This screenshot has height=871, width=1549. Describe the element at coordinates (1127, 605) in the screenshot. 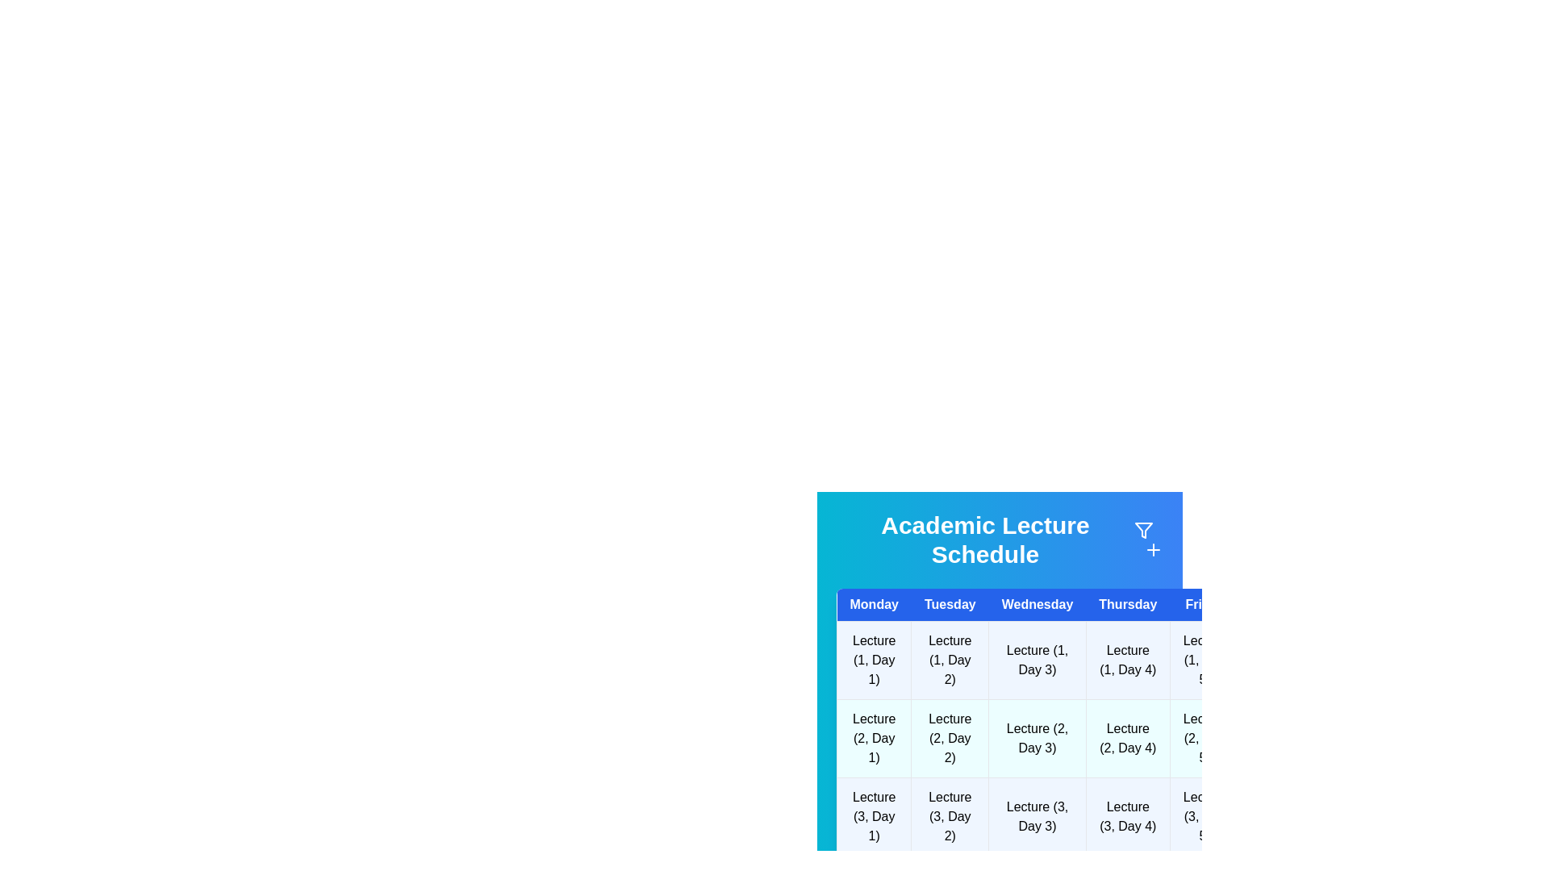

I see `the header for Thursday to sort or filter the schedule by that day` at that location.